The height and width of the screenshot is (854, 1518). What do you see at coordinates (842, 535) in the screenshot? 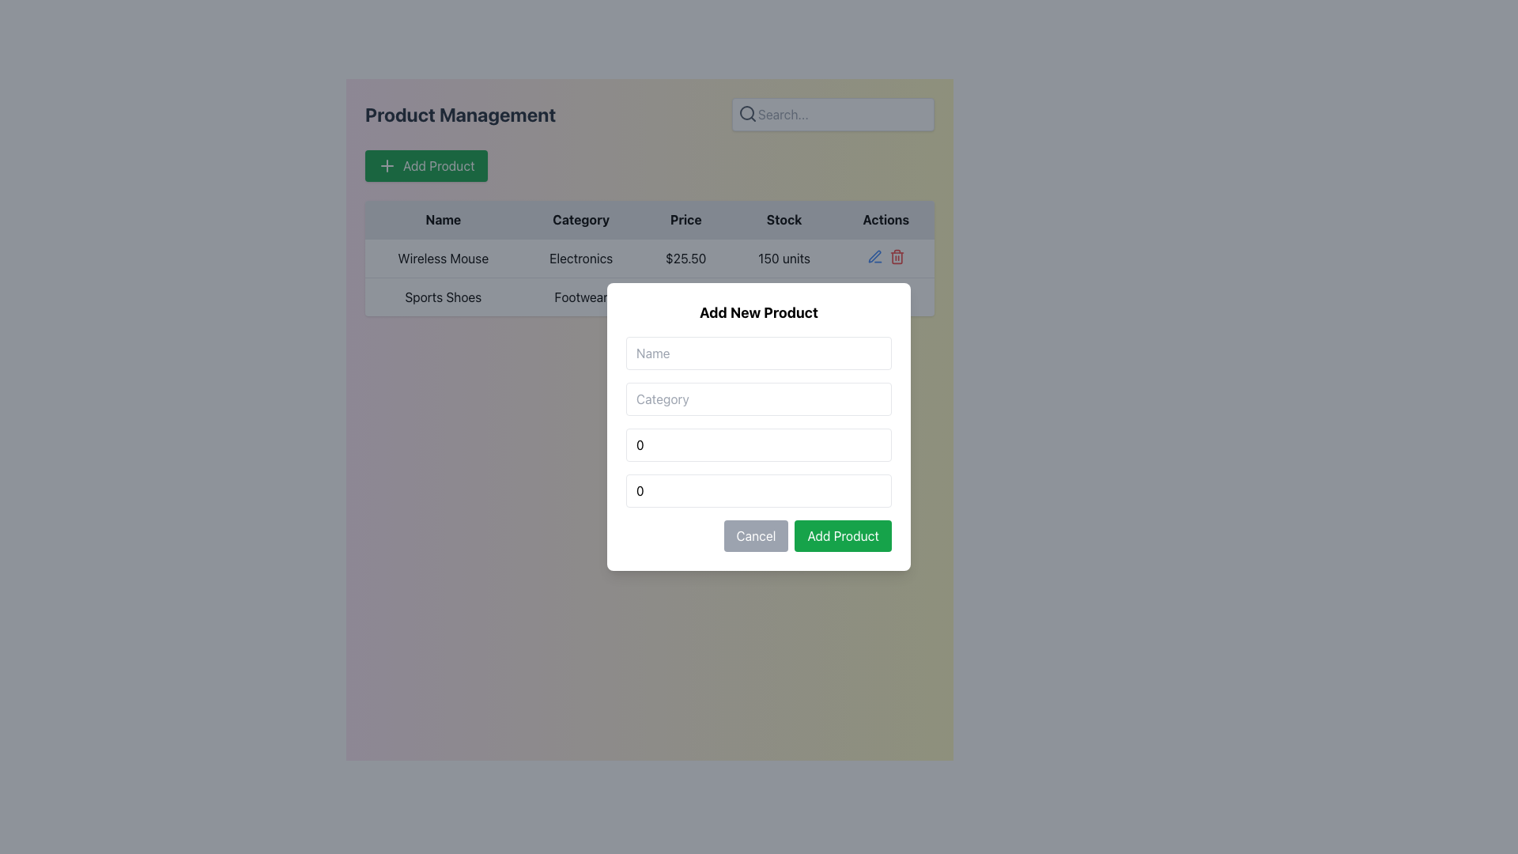
I see `the 'Add Product' button, which has a green background and white text, located on the right side of the modal footer` at bounding box center [842, 535].